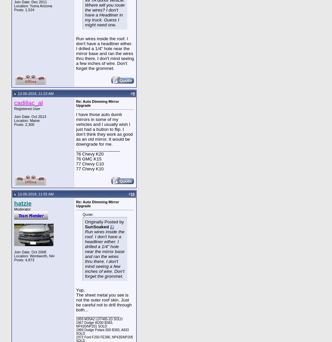 The width and height of the screenshot is (332, 342). I want to click on '12-06-2018, 11:23 AM', so click(35, 93).